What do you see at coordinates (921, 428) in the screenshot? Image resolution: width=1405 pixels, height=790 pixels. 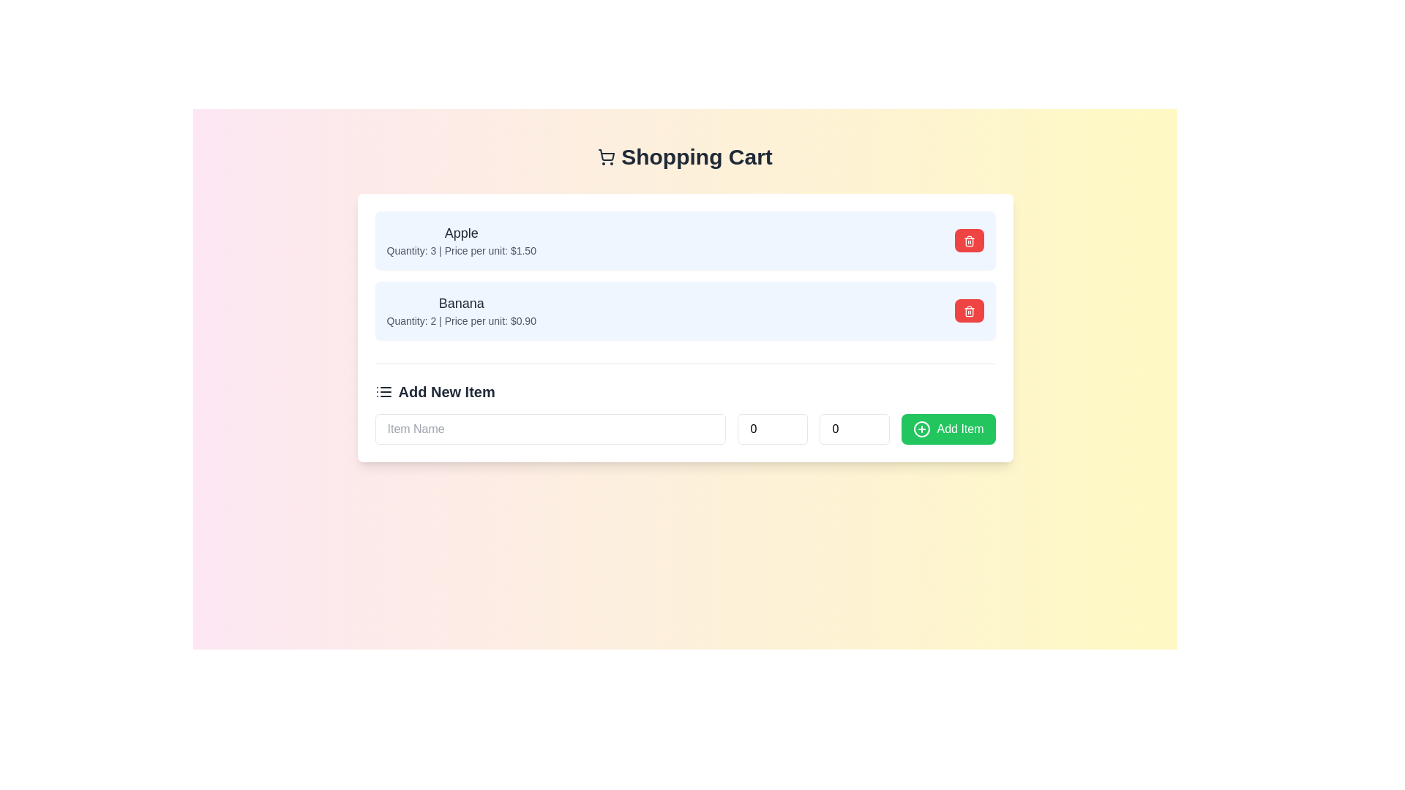 I see `the circular part of the 'Add Item' button` at bounding box center [921, 428].